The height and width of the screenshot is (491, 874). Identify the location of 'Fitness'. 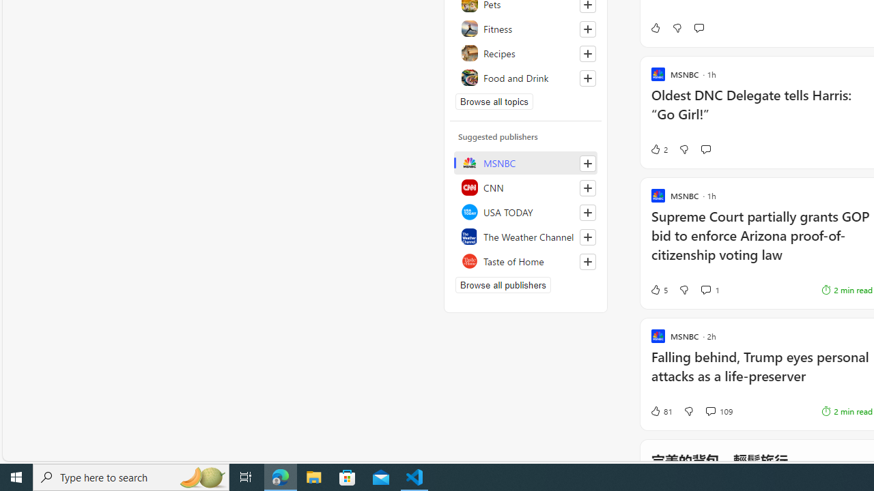
(525, 29).